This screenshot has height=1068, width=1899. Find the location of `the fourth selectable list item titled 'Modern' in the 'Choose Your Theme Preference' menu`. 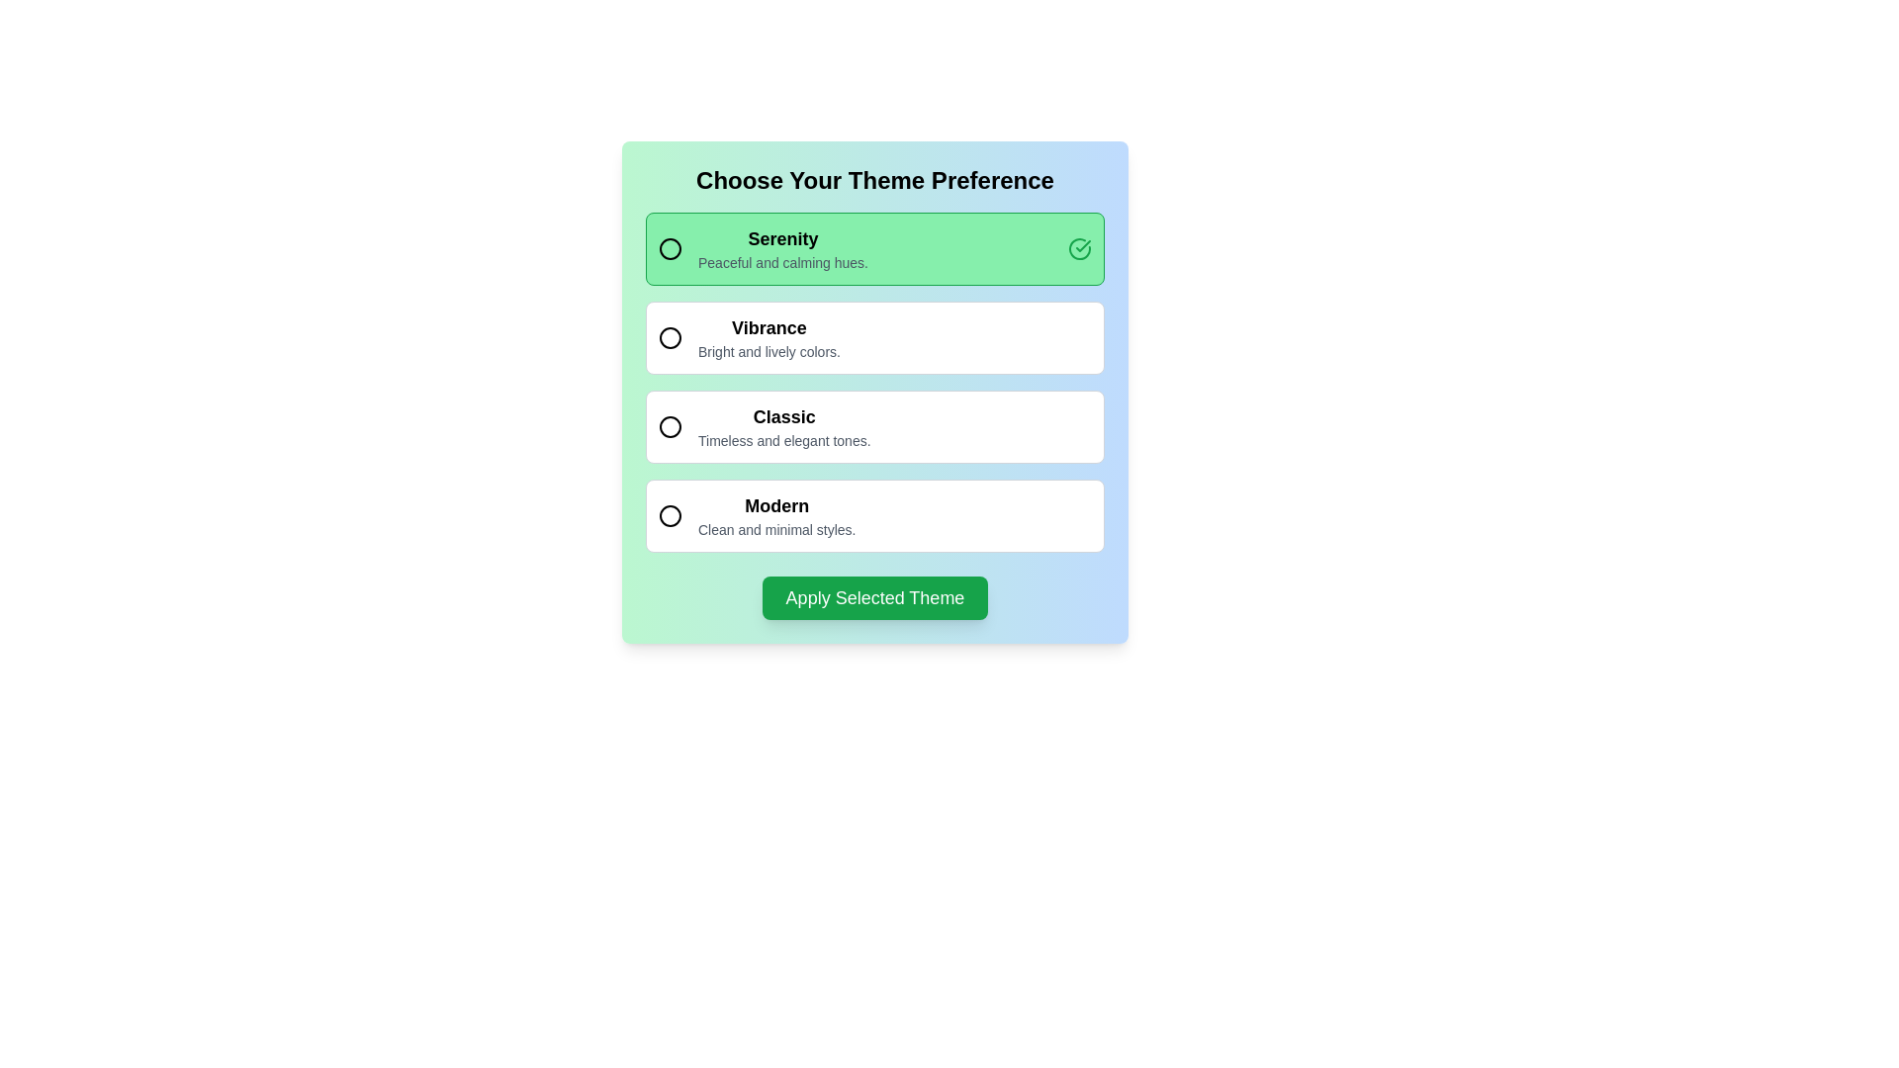

the fourth selectable list item titled 'Modern' in the 'Choose Your Theme Preference' menu is located at coordinates (756, 514).